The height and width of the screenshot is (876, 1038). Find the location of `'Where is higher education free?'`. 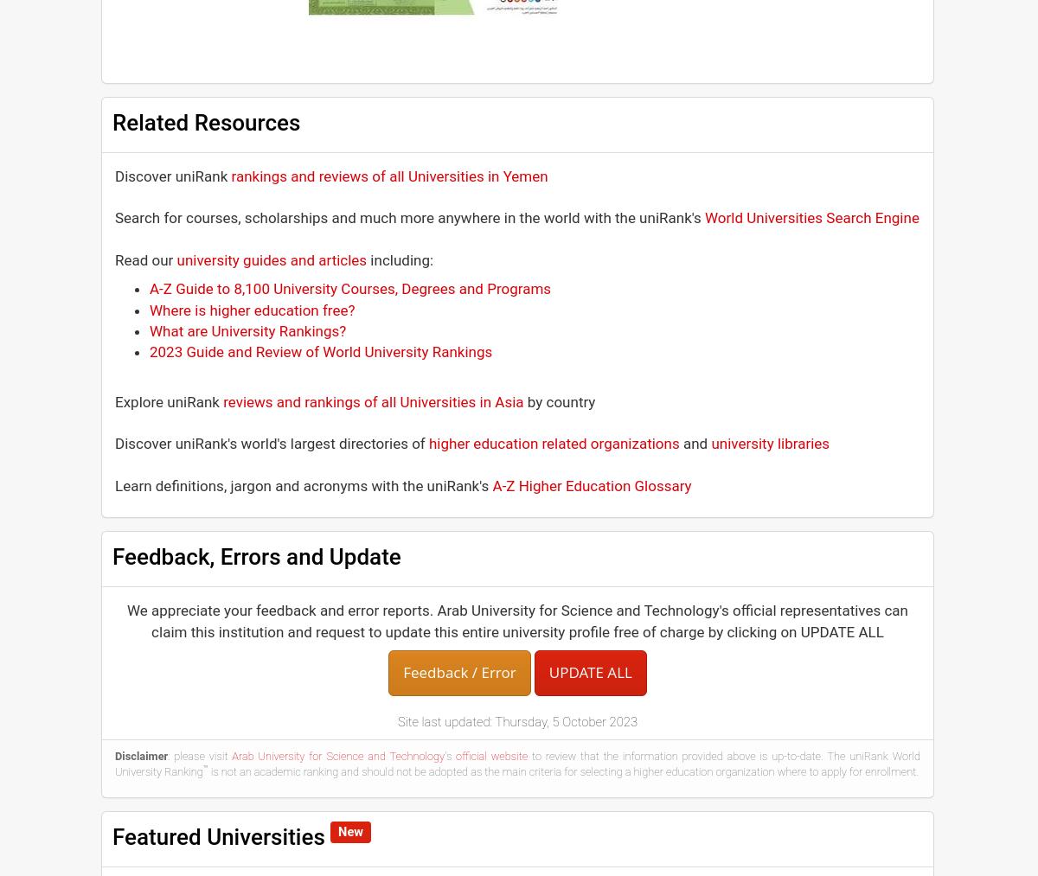

'Where is higher education free?' is located at coordinates (149, 309).